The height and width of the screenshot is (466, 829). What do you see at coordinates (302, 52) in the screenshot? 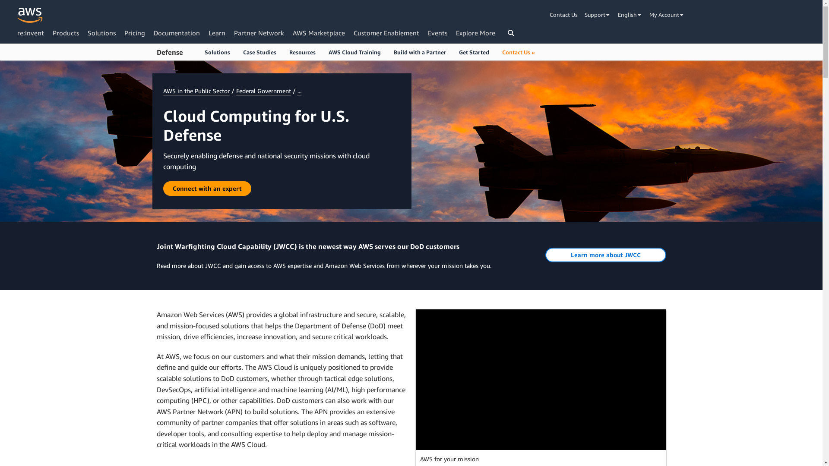
I see `'Resources'` at bounding box center [302, 52].